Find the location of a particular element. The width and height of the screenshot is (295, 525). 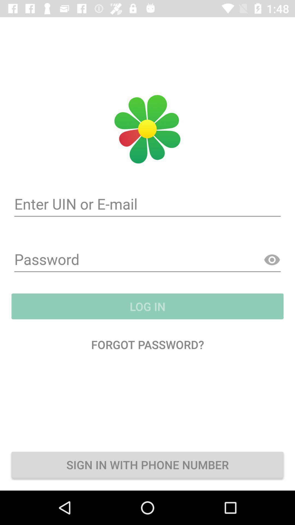

the visibility icon is located at coordinates (272, 260).